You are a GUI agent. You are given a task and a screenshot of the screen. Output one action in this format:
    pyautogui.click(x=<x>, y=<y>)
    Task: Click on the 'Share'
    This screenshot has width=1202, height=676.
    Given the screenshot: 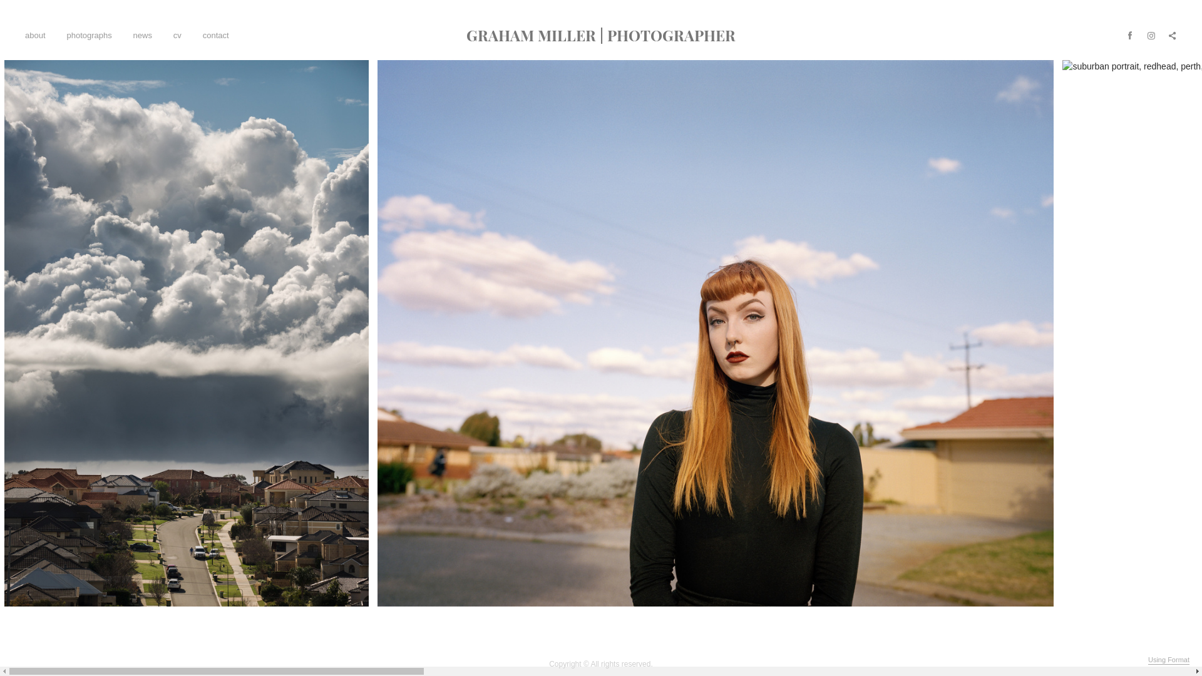 What is the action you would take?
    pyautogui.click(x=1171, y=34)
    